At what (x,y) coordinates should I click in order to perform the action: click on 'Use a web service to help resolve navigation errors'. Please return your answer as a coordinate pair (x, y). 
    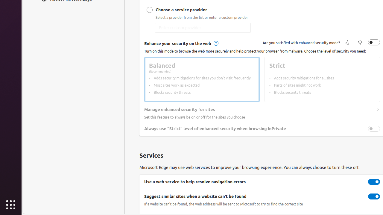
    Looking at the image, I should click on (374, 181).